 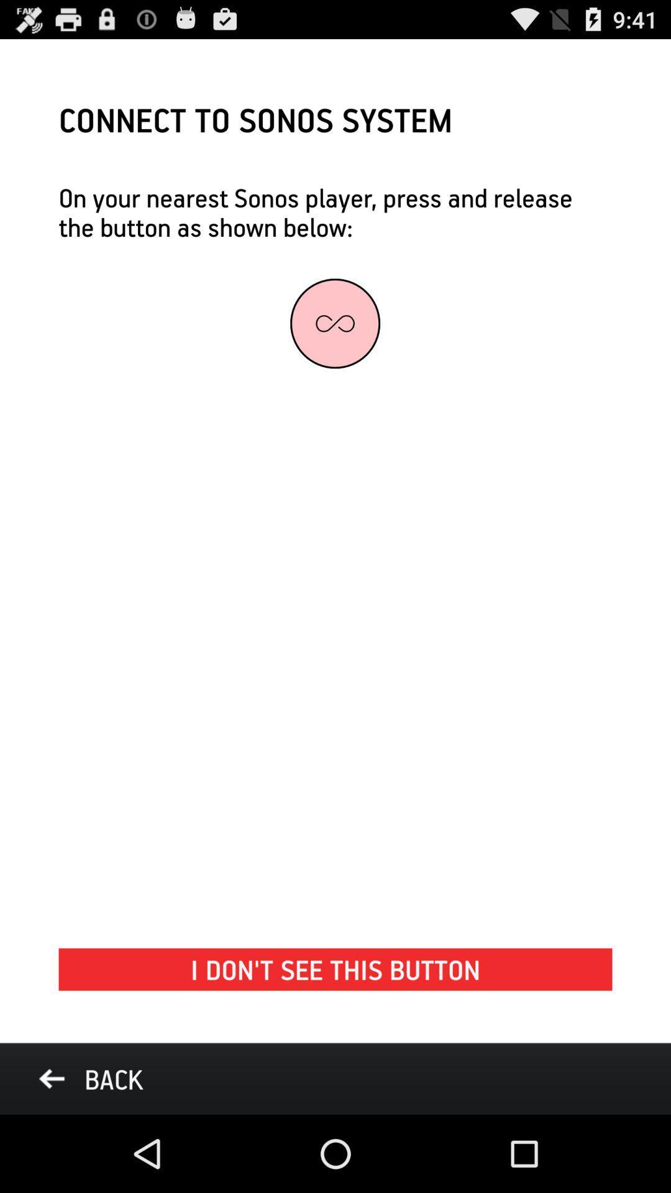 I want to click on icon above back item, so click(x=335, y=969).